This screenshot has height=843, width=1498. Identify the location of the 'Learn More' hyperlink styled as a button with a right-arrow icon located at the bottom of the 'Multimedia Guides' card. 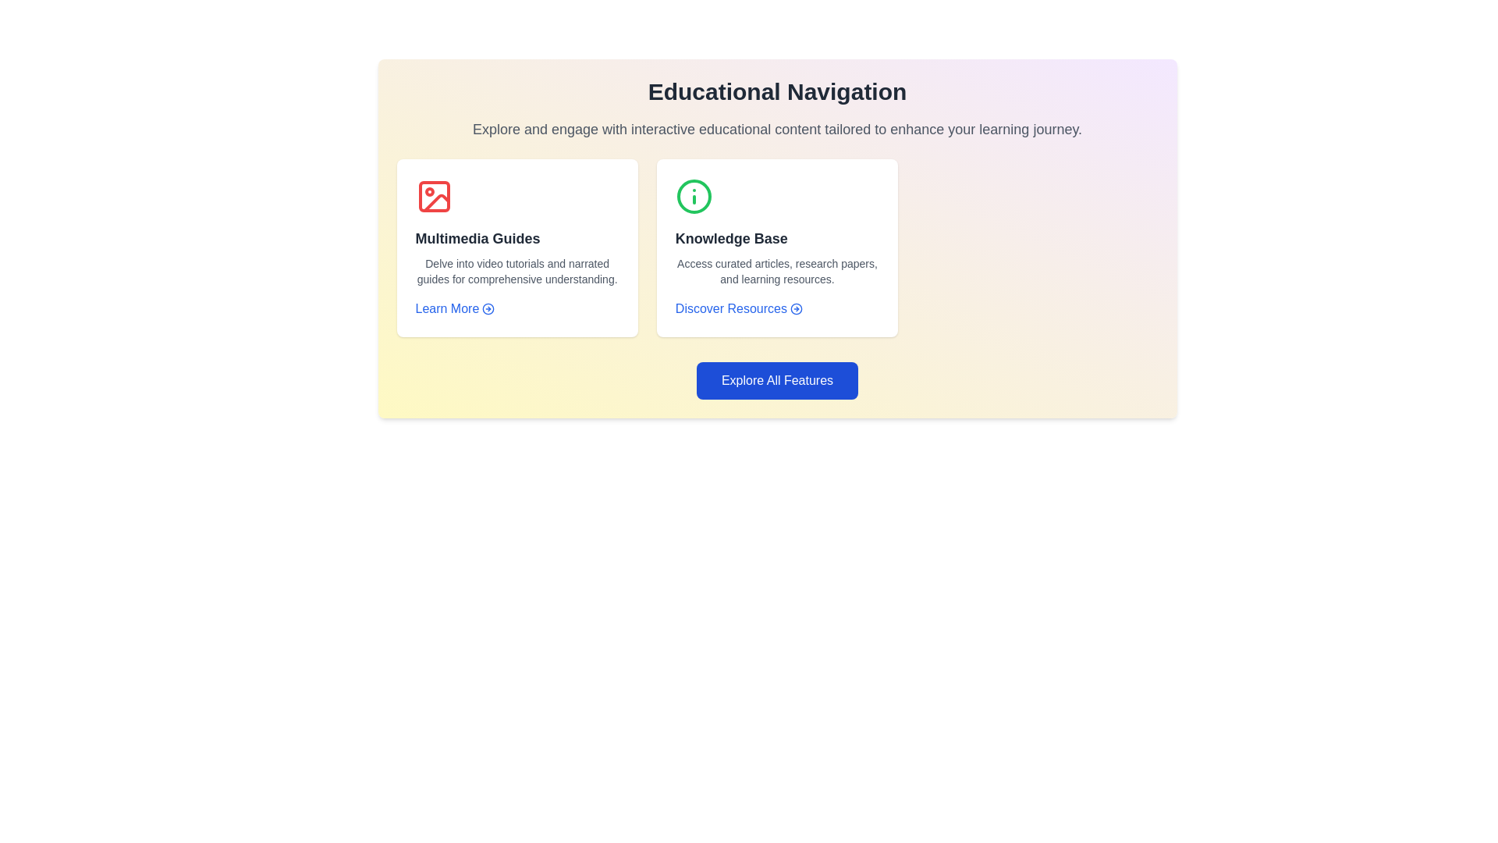
(454, 309).